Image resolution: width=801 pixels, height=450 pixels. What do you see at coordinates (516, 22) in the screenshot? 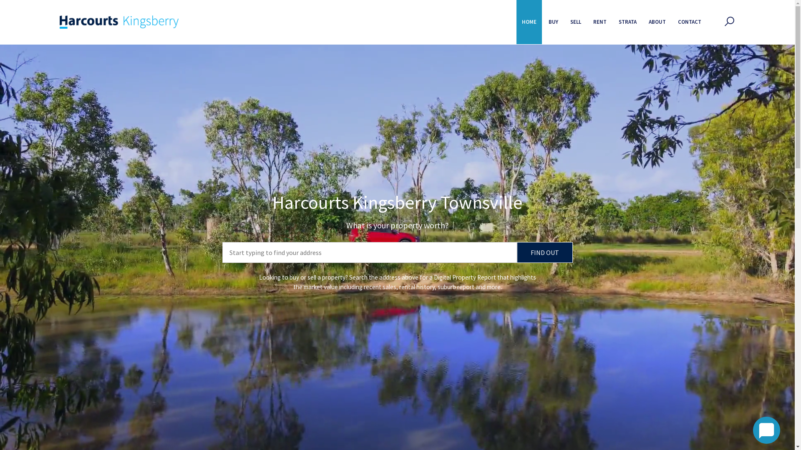
I see `'HOME'` at bounding box center [516, 22].